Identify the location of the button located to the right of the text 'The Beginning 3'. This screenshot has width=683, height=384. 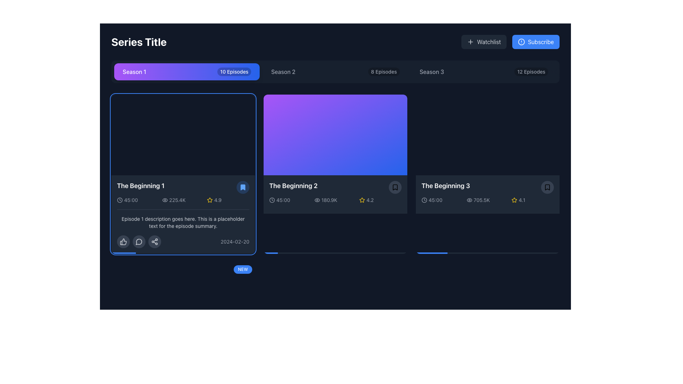
(547, 187).